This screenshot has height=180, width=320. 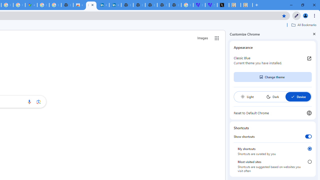 I want to click on 'Cookie Policy | LinkedIn', so click(x=103, y=5).